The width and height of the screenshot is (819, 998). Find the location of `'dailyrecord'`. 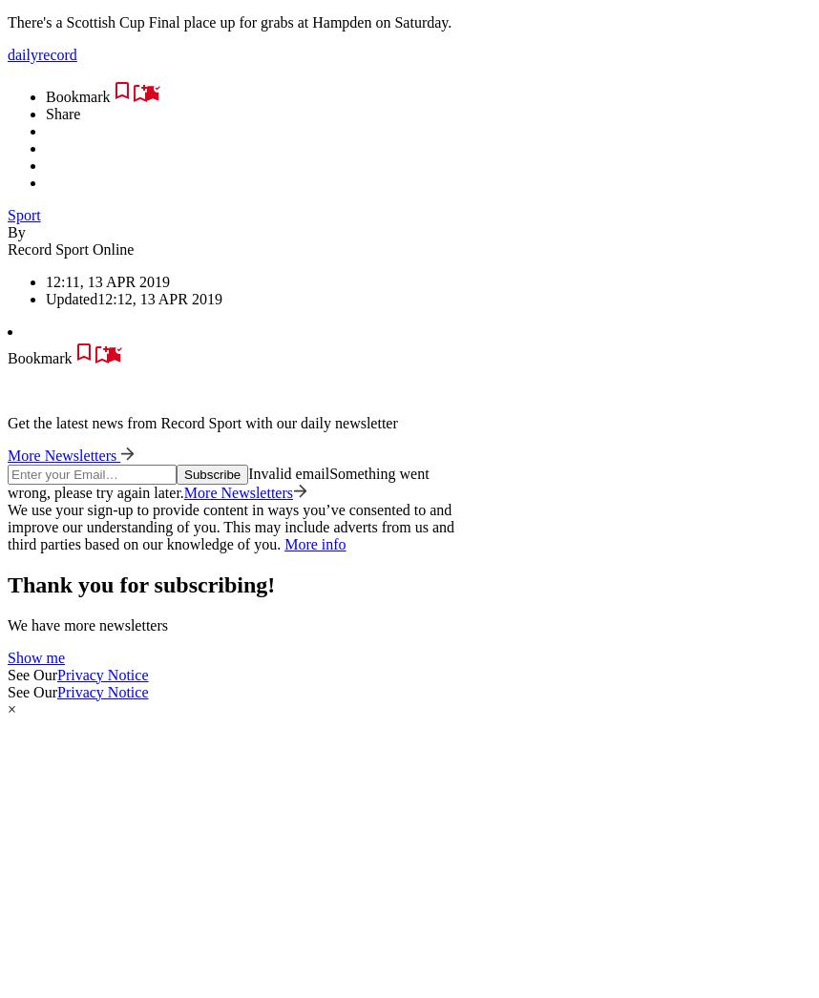

'dailyrecord' is located at coordinates (41, 53).